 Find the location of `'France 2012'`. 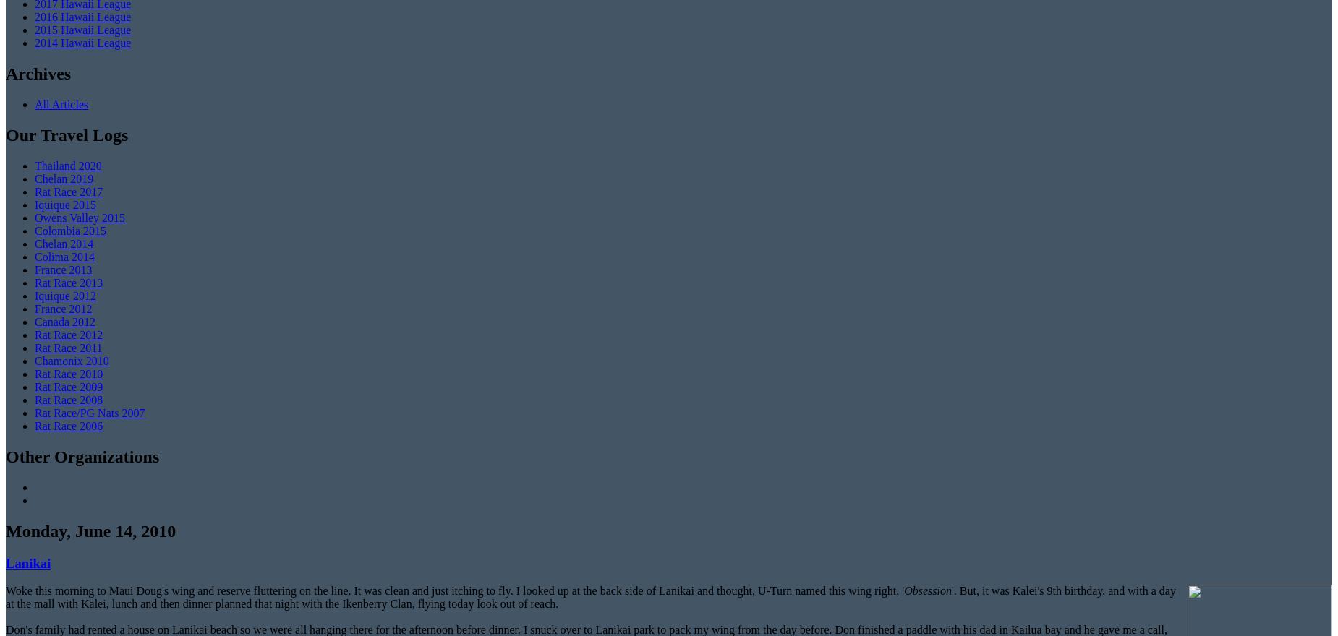

'France 2012' is located at coordinates (62, 309).